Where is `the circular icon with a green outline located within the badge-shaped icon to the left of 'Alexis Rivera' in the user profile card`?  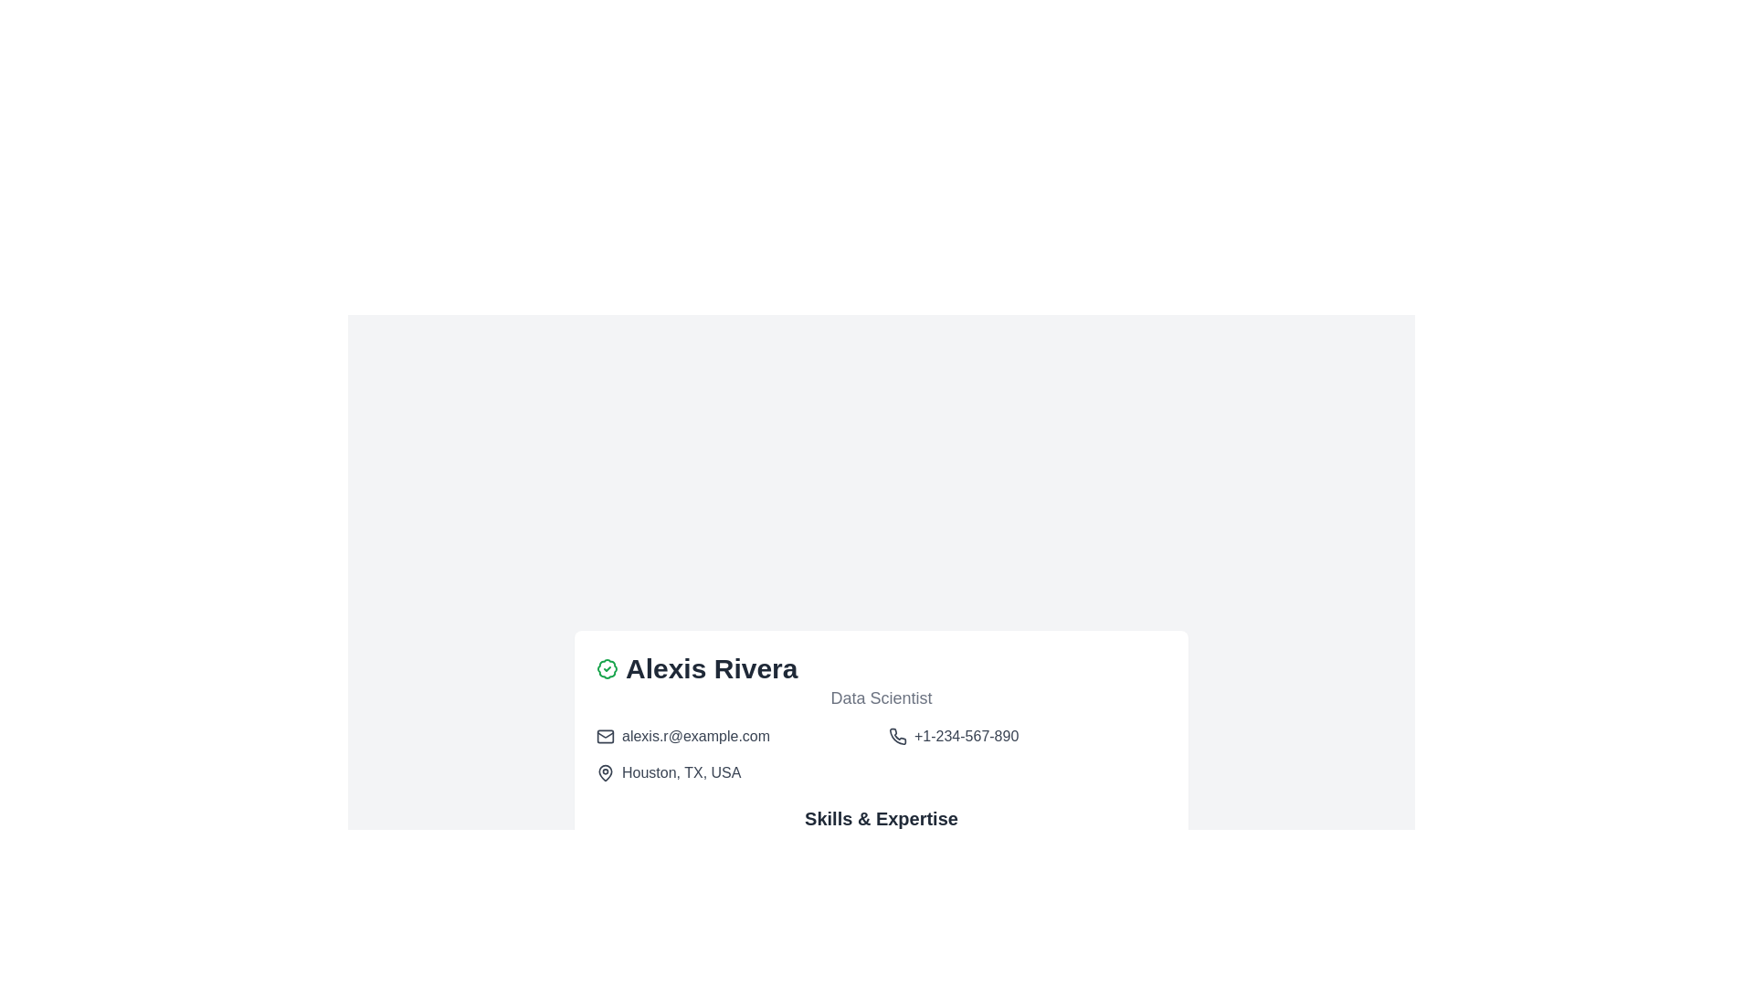
the circular icon with a green outline located within the badge-shaped icon to the left of 'Alexis Rivera' in the user profile card is located at coordinates (607, 668).